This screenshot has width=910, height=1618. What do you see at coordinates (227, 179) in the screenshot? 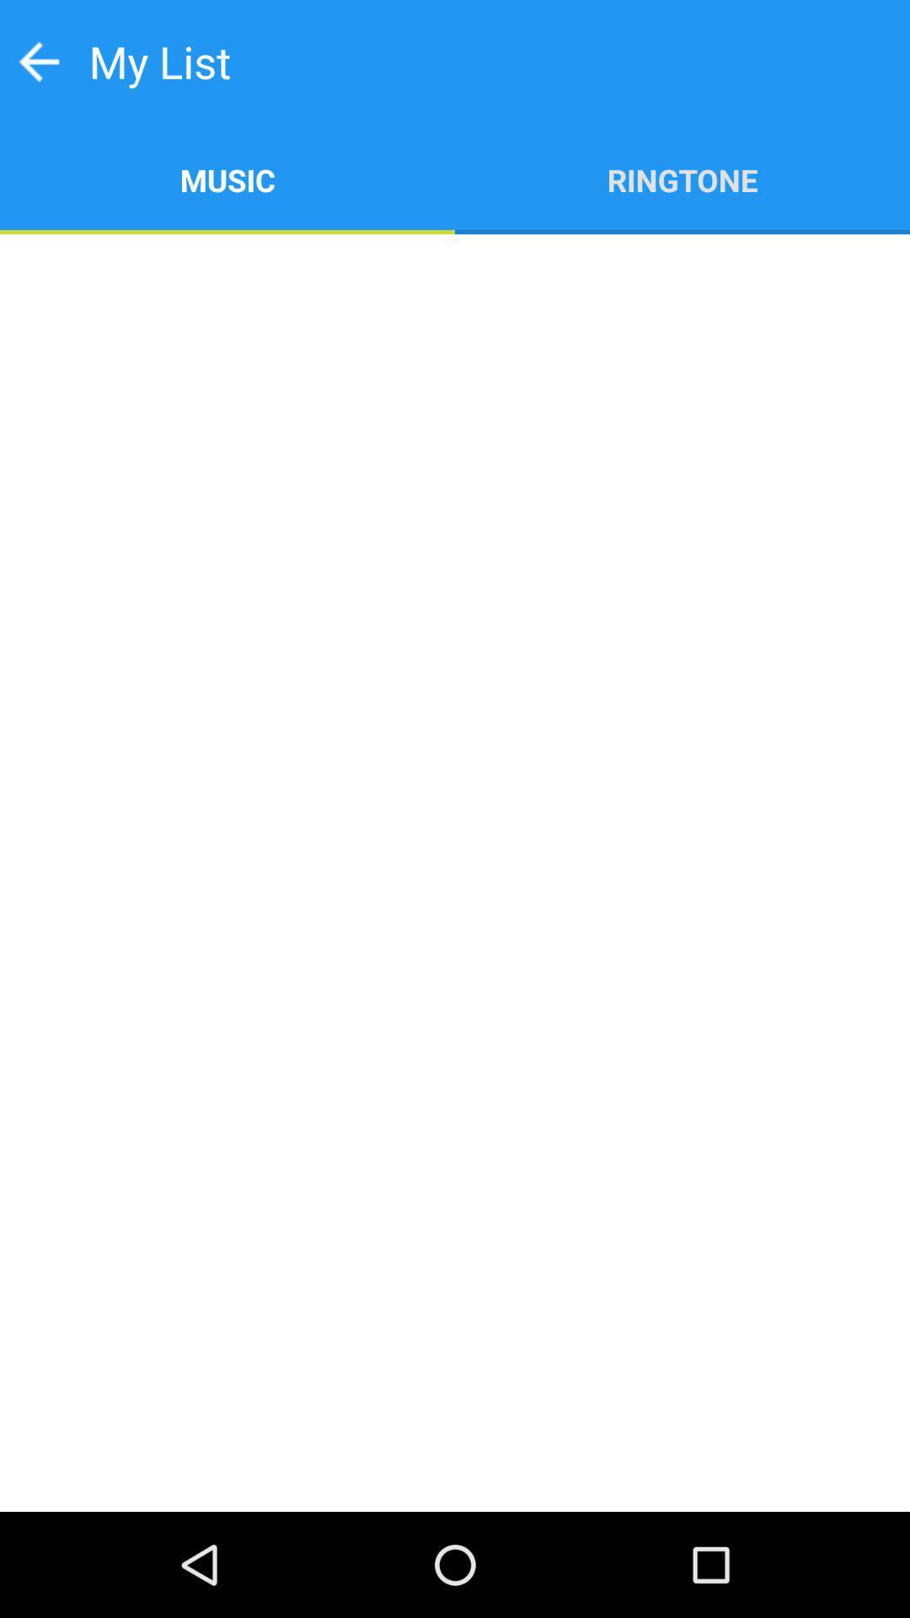
I see `the item next to the ringtone` at bounding box center [227, 179].